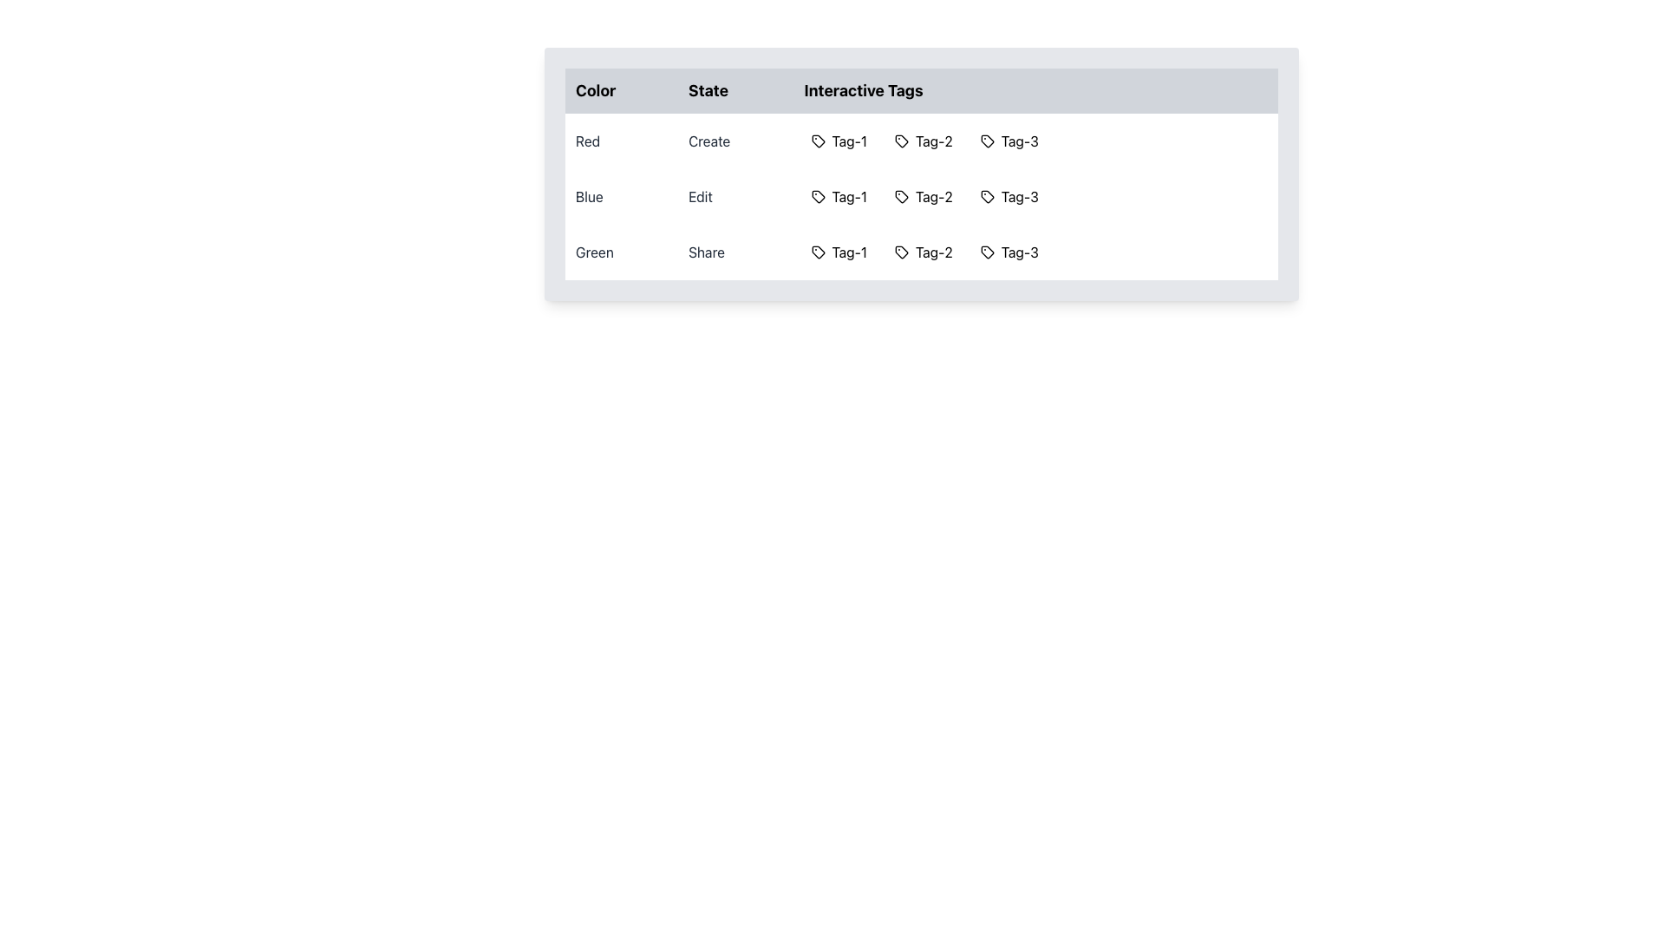 The height and width of the screenshot is (937, 1665). I want to click on the third tag-like text label in the 'Green' row under the 'Interactive Tags' column to trigger a tooltip or highlight, so click(1020, 252).